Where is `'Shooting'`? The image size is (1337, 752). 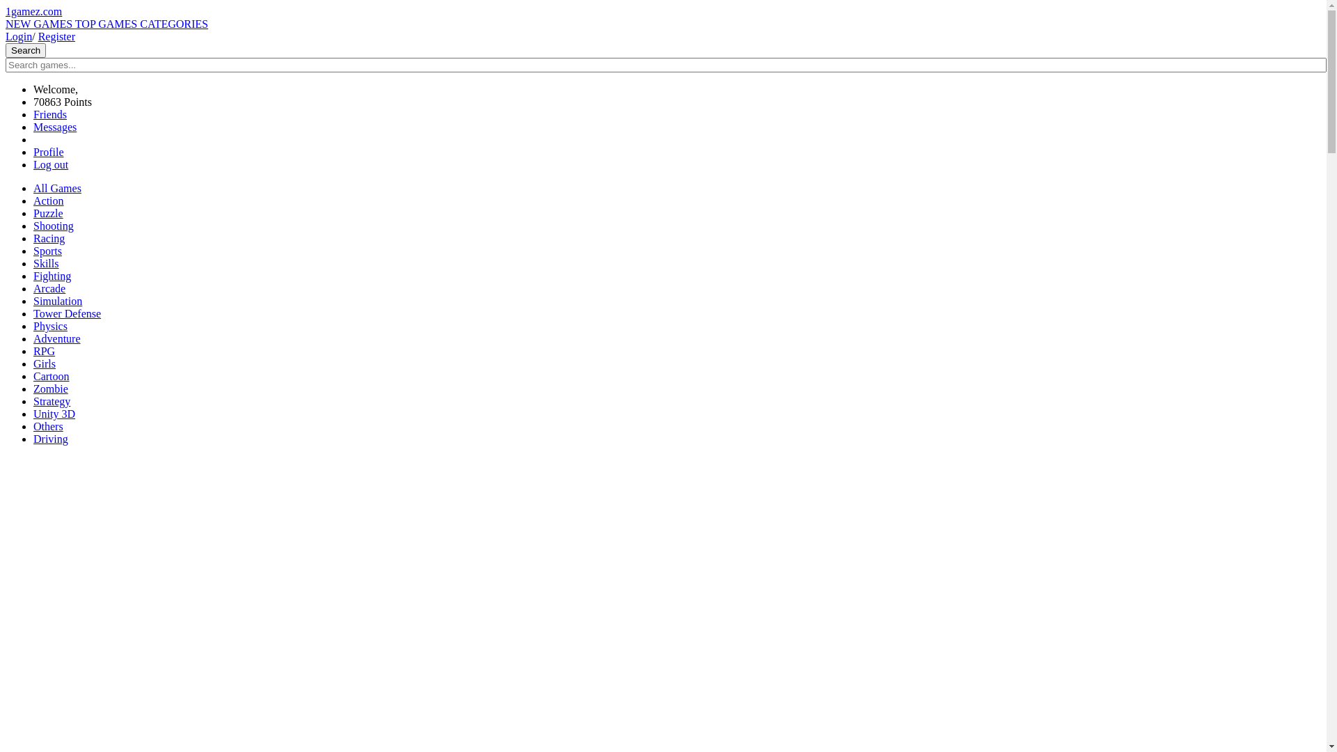 'Shooting' is located at coordinates (53, 225).